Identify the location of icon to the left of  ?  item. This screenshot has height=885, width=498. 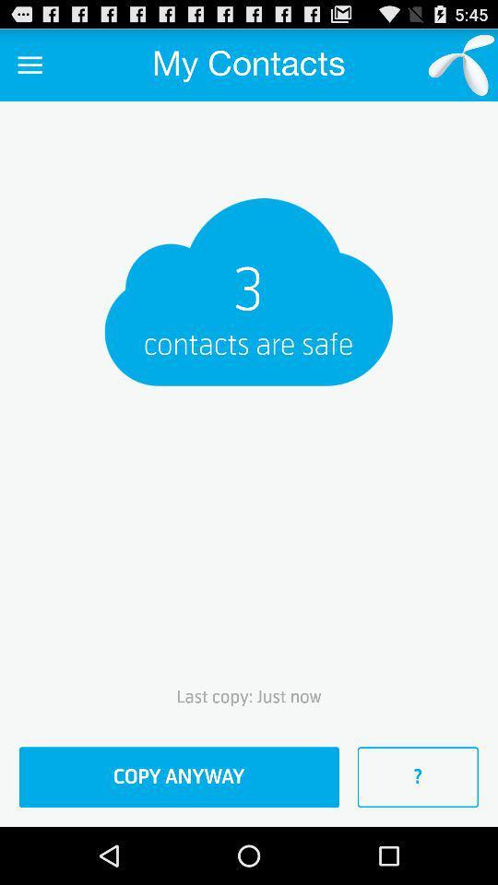
(179, 776).